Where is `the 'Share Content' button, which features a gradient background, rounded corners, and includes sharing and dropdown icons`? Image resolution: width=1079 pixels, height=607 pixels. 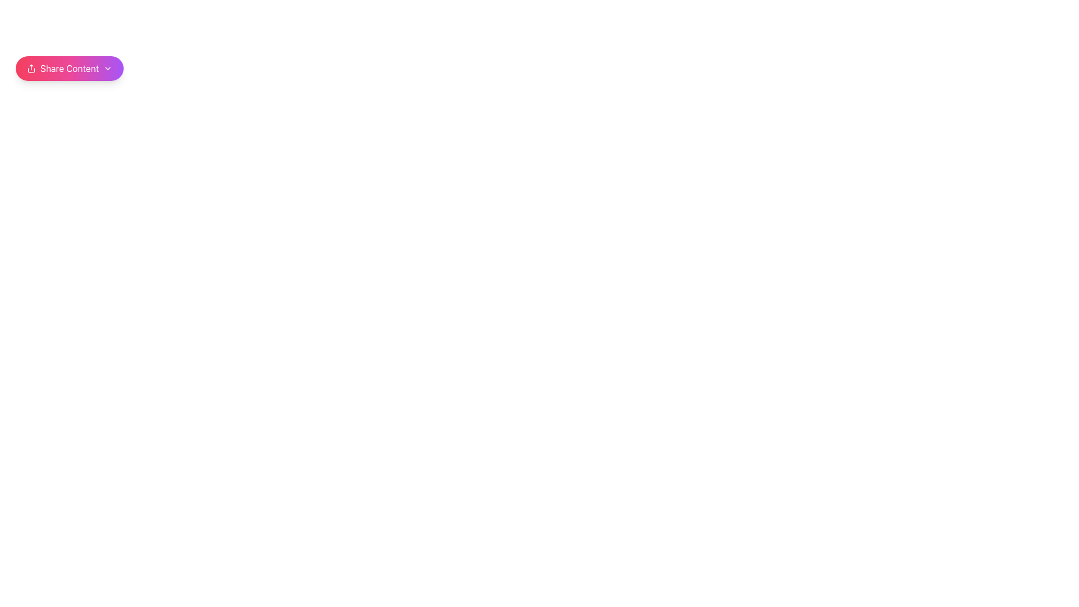
the 'Share Content' button, which features a gradient background, rounded corners, and includes sharing and dropdown icons is located at coordinates (69, 69).